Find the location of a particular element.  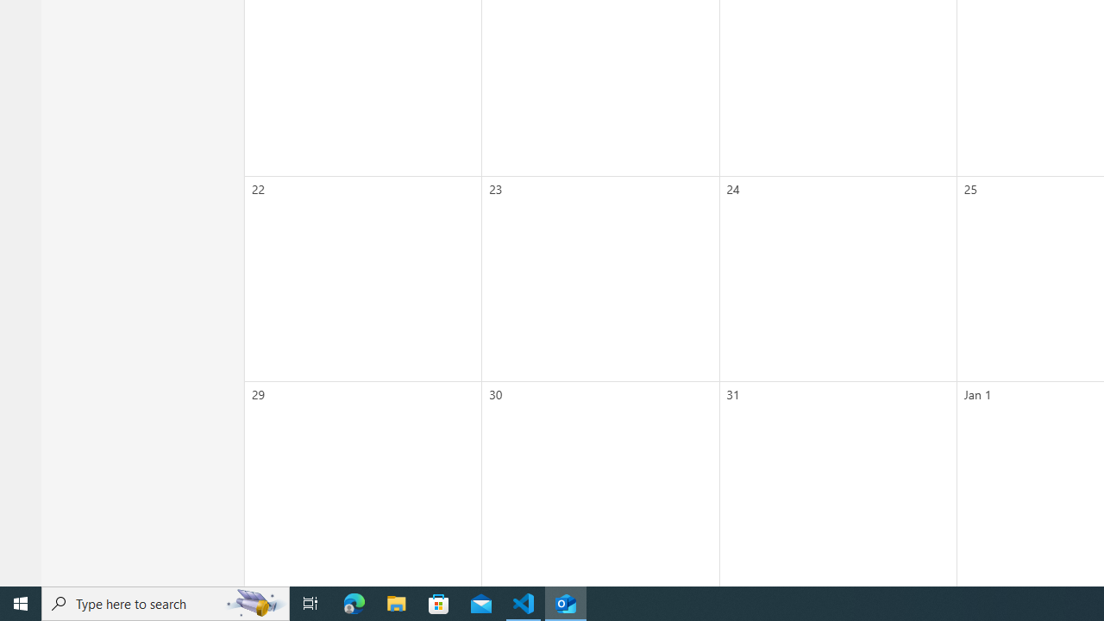

'File Explorer' is located at coordinates (396, 602).